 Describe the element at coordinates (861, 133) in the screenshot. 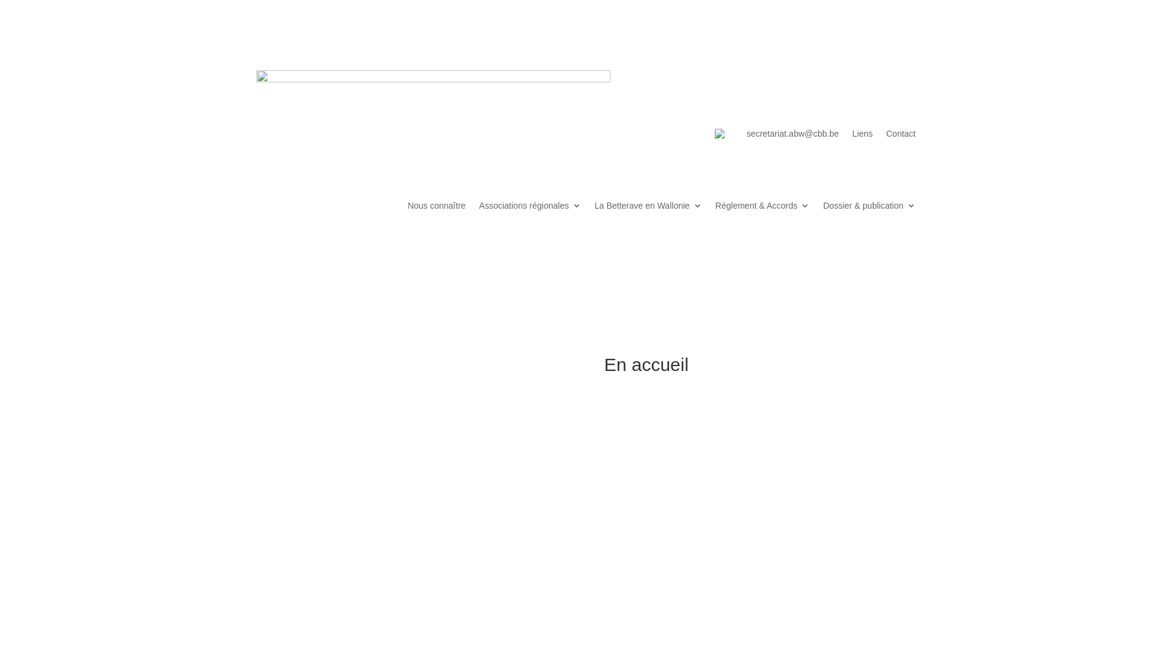

I see `'Liens'` at that location.